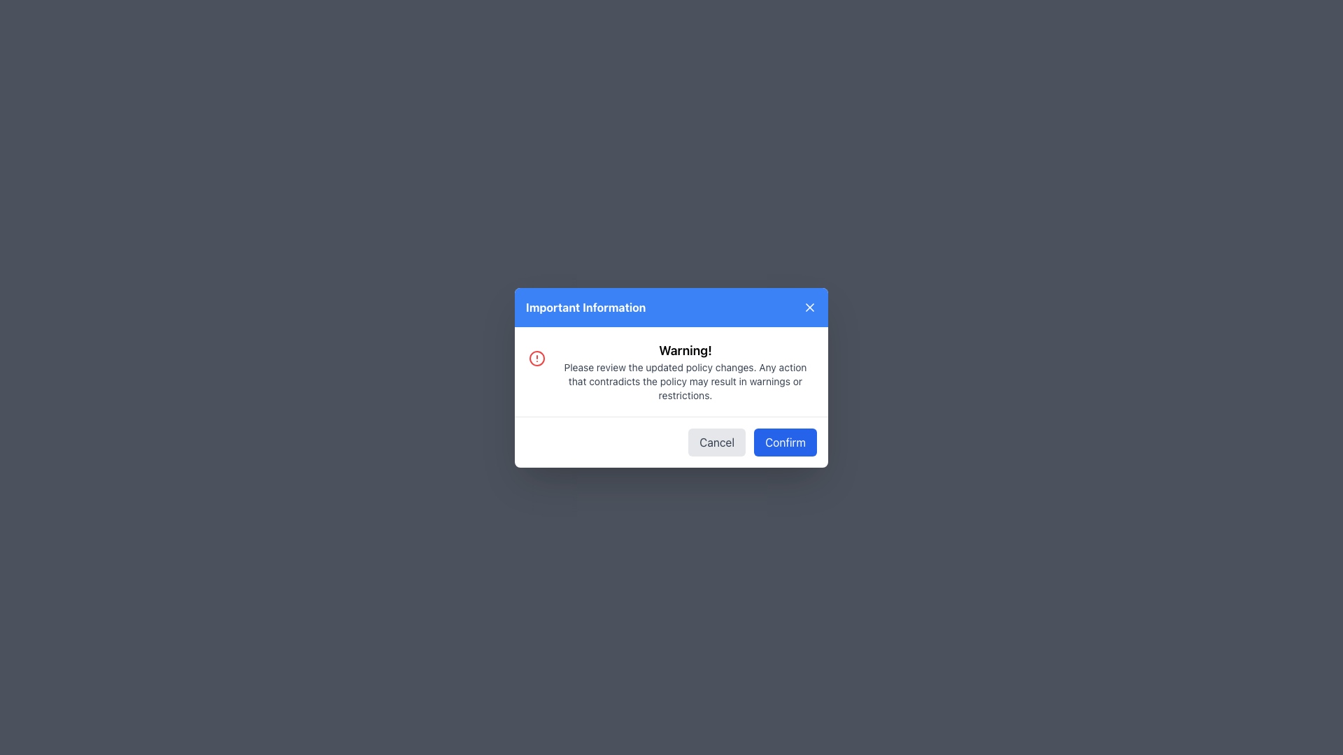  Describe the element at coordinates (671, 442) in the screenshot. I see `the Cancel button located in the bottom-right section of the modal dialog titled 'Important Information', which serves as an action control area for confirming or canceling operations` at that location.